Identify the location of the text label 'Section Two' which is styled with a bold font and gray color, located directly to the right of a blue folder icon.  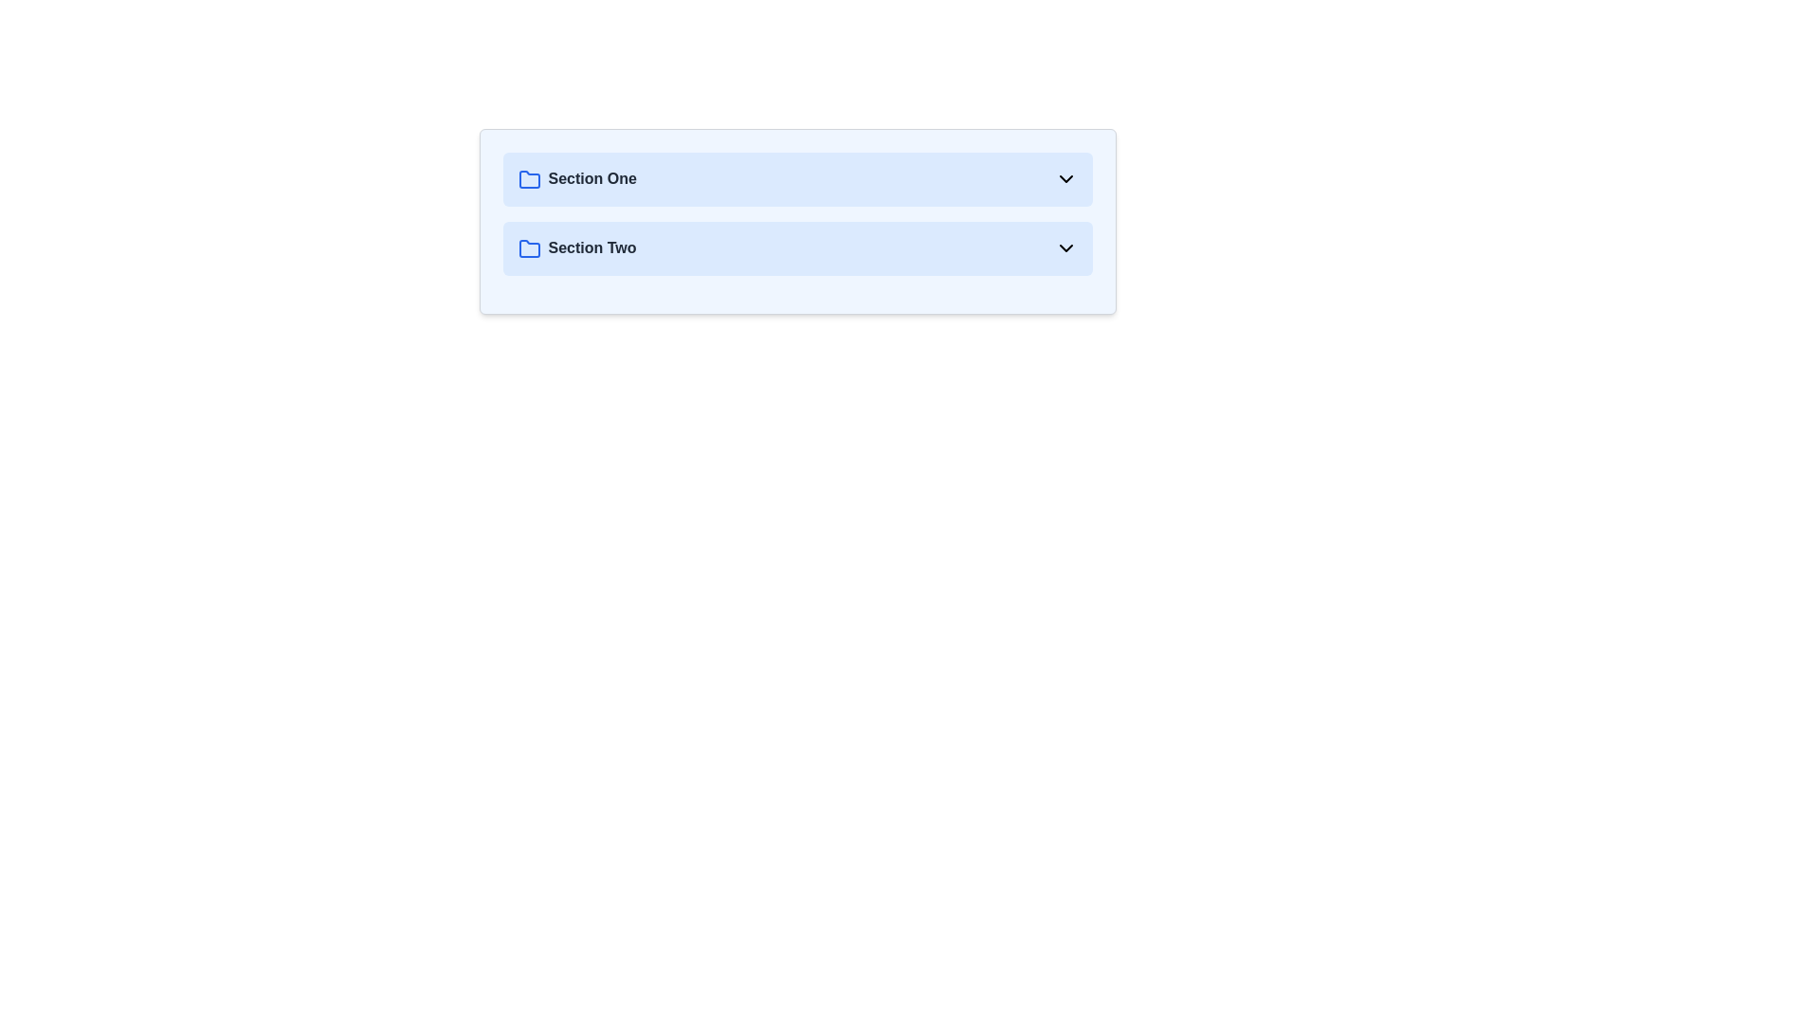
(591, 247).